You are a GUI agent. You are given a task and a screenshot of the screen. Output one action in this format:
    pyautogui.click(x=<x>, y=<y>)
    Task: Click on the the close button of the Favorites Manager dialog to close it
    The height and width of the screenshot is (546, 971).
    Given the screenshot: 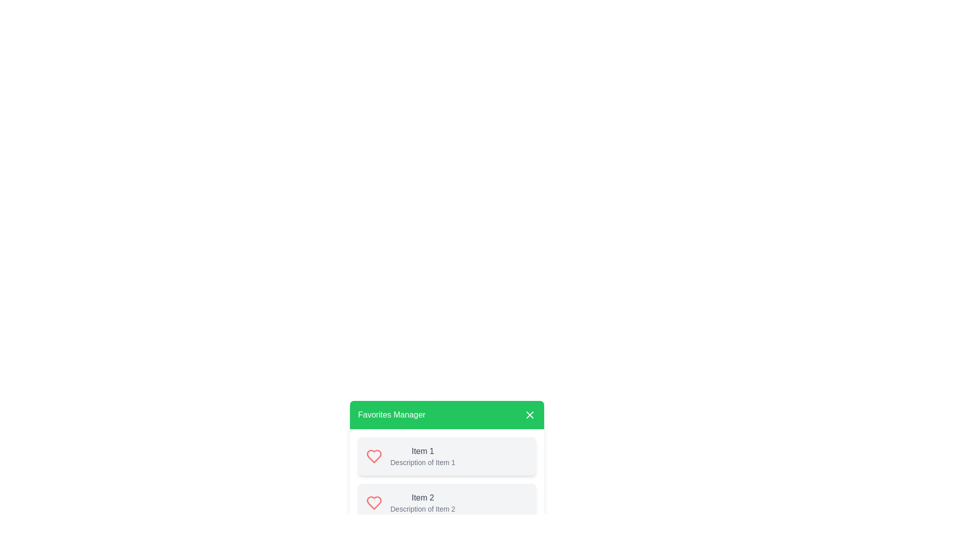 What is the action you would take?
    pyautogui.click(x=529, y=415)
    